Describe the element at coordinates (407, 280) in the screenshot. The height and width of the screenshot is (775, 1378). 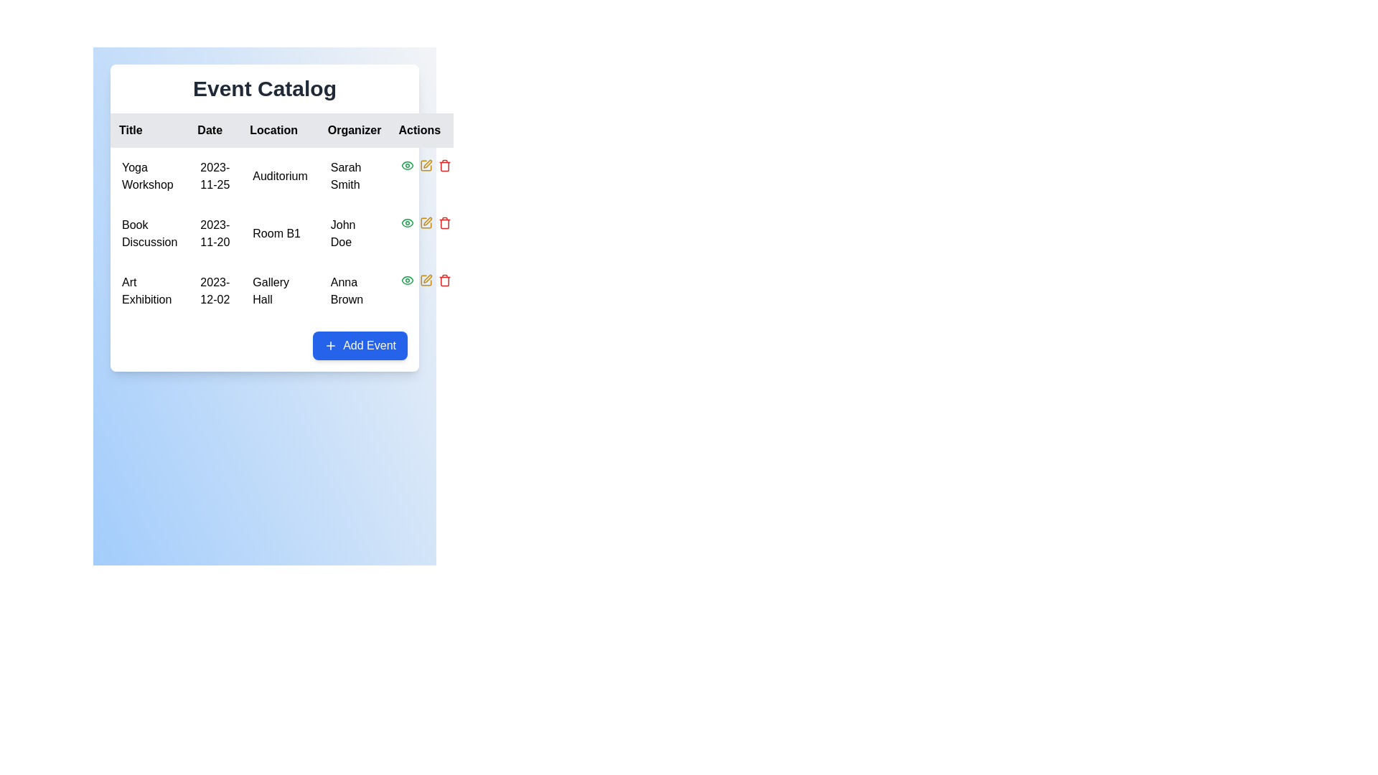
I see `the green eye icon in the third row under the Actions column next to the 'Art Exhibition' entry` at that location.